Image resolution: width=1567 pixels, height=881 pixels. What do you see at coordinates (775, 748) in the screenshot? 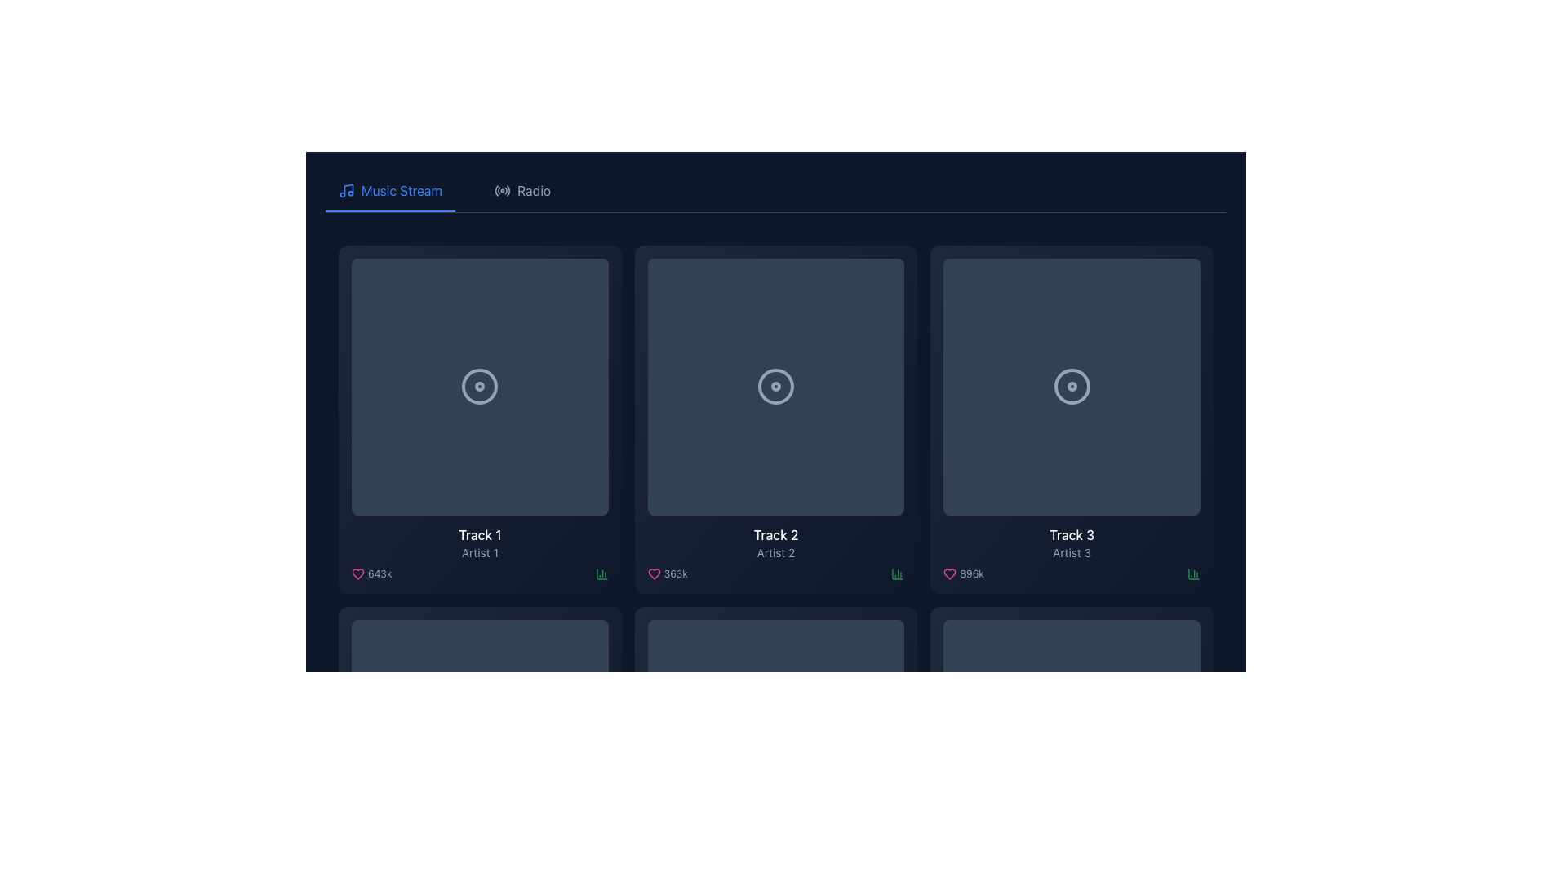
I see `the graphical icon that serves as a representation or placeholder for media content, positioned centrally within the square dark background of the track cover` at bounding box center [775, 748].